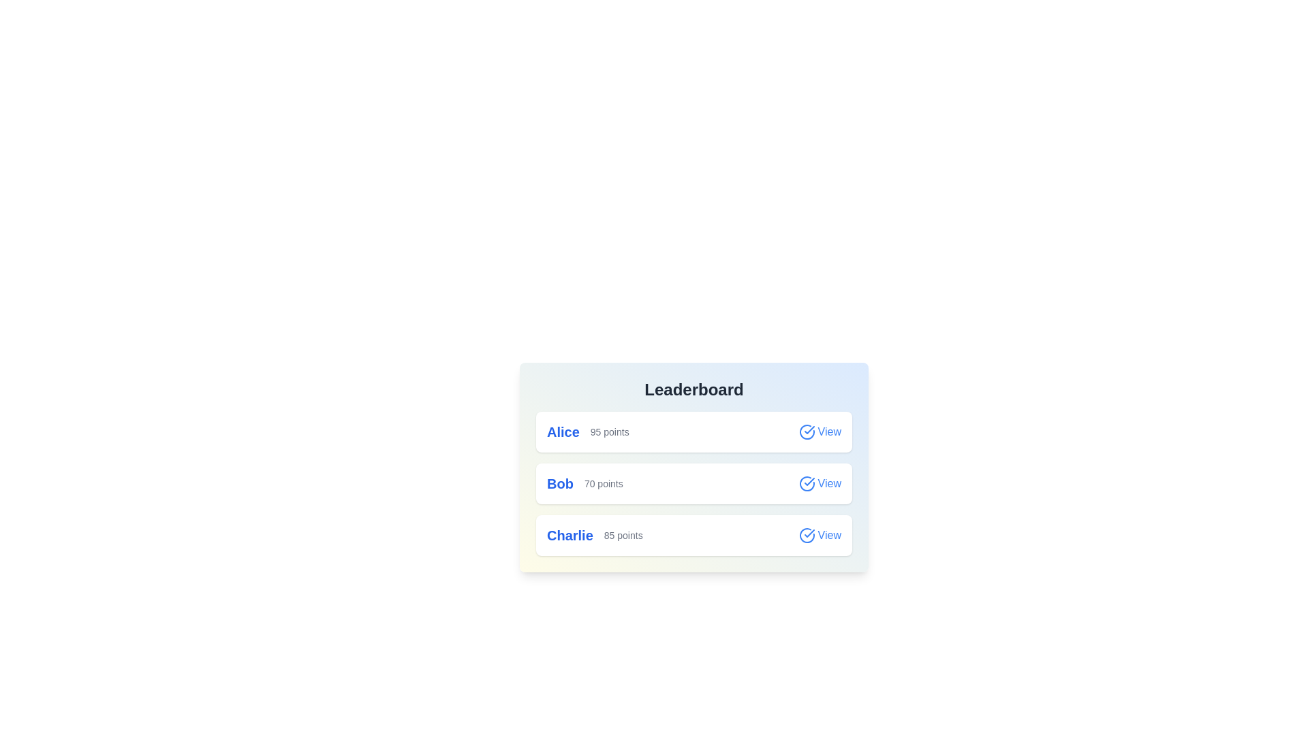  I want to click on the name of the participant Alice to select them, so click(563, 432).